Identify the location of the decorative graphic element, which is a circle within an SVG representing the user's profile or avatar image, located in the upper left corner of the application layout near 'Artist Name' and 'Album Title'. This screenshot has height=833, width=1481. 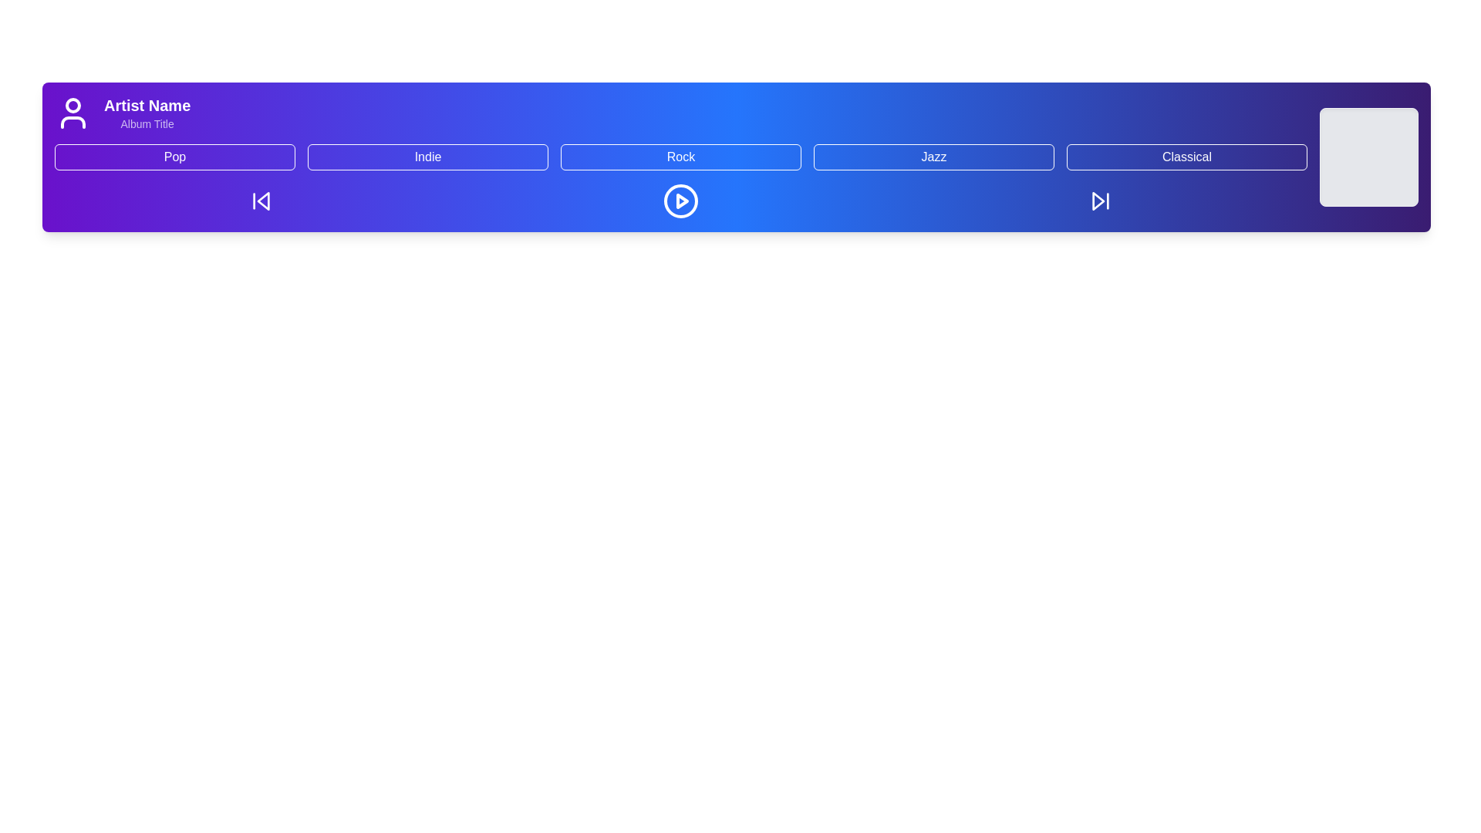
(73, 105).